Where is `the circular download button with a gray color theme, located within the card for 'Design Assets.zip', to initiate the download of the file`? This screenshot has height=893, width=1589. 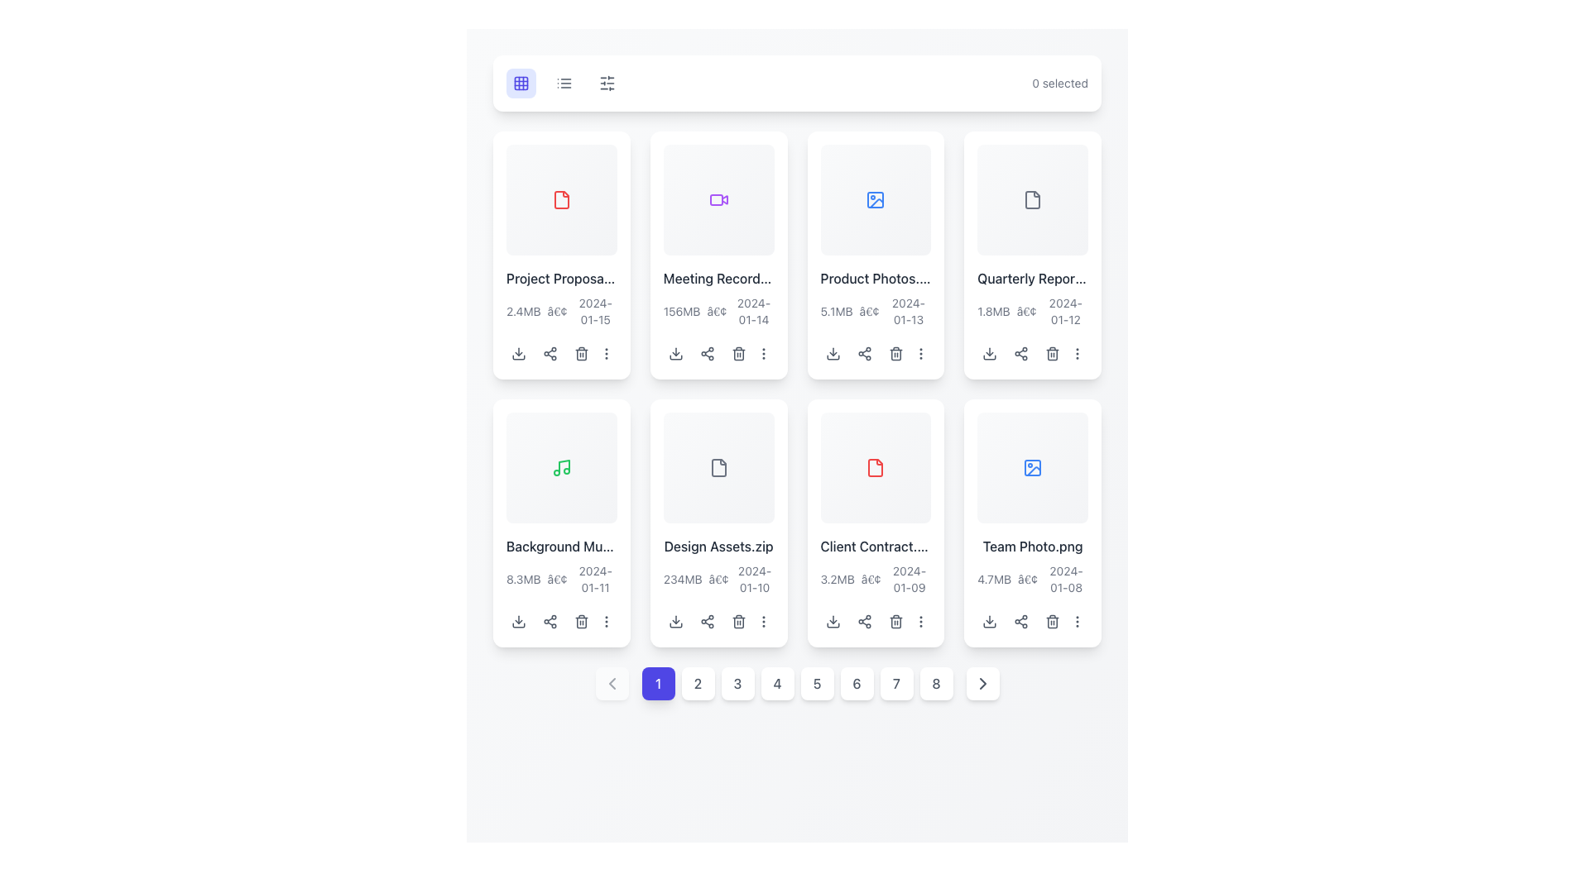
the circular download button with a gray color theme, located within the card for 'Design Assets.zip', to initiate the download of the file is located at coordinates (675, 621).